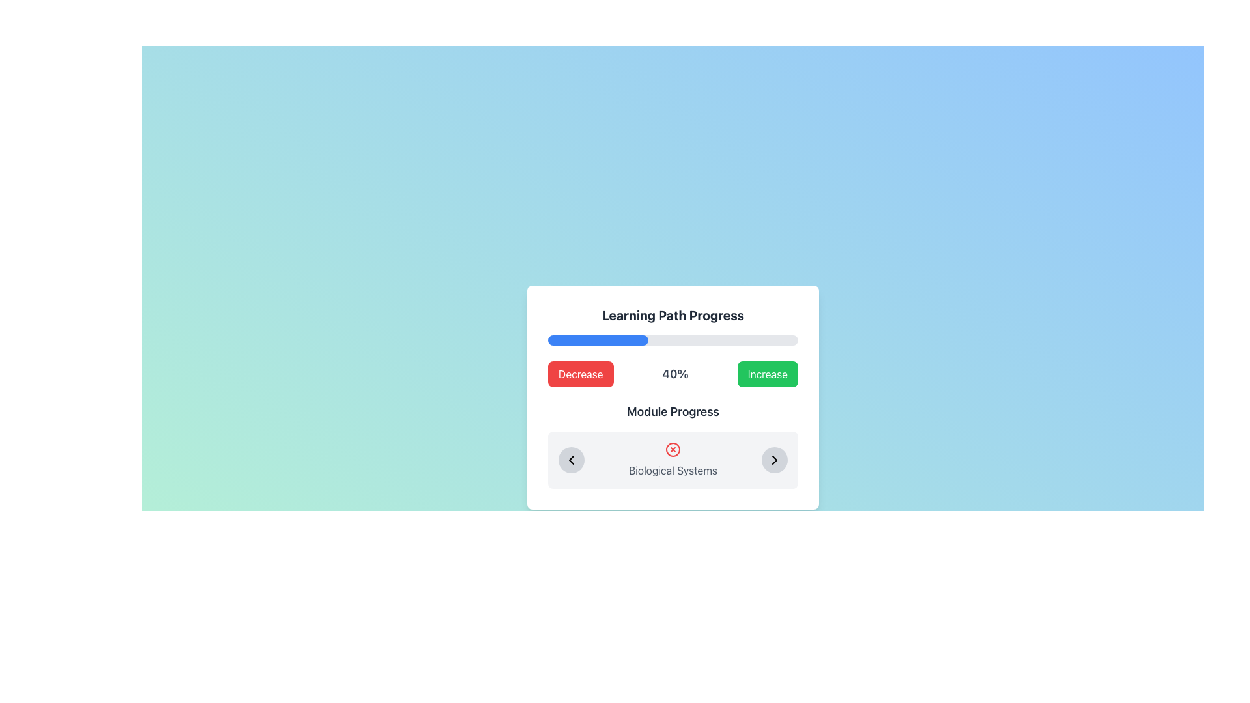  What do you see at coordinates (615, 340) in the screenshot?
I see `progress` at bounding box center [615, 340].